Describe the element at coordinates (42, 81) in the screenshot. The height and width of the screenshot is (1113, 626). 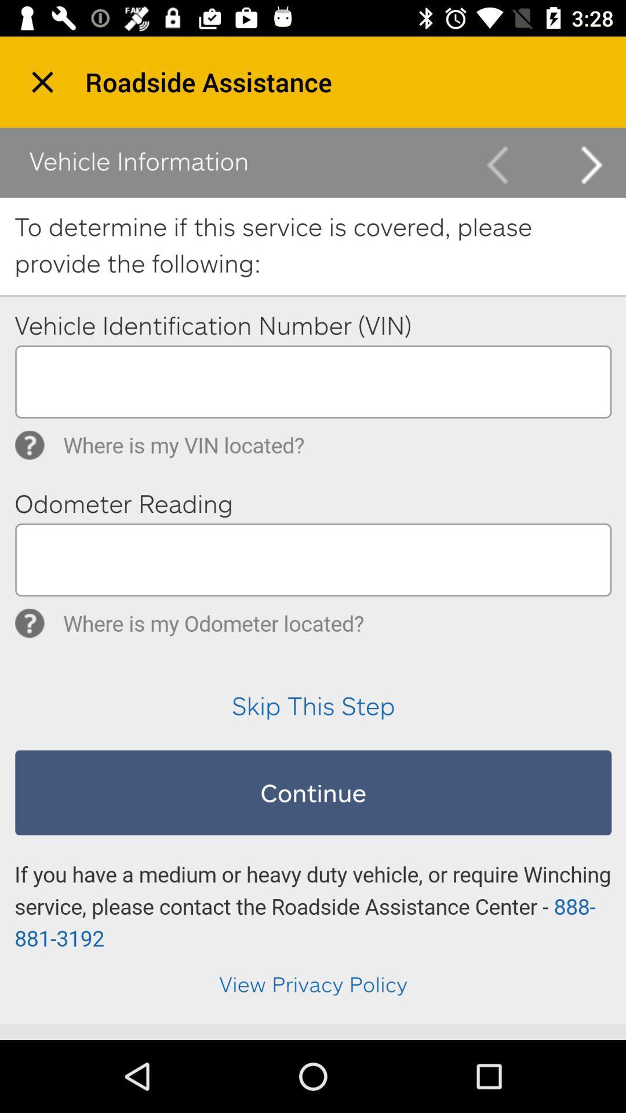
I see `the close icon` at that location.